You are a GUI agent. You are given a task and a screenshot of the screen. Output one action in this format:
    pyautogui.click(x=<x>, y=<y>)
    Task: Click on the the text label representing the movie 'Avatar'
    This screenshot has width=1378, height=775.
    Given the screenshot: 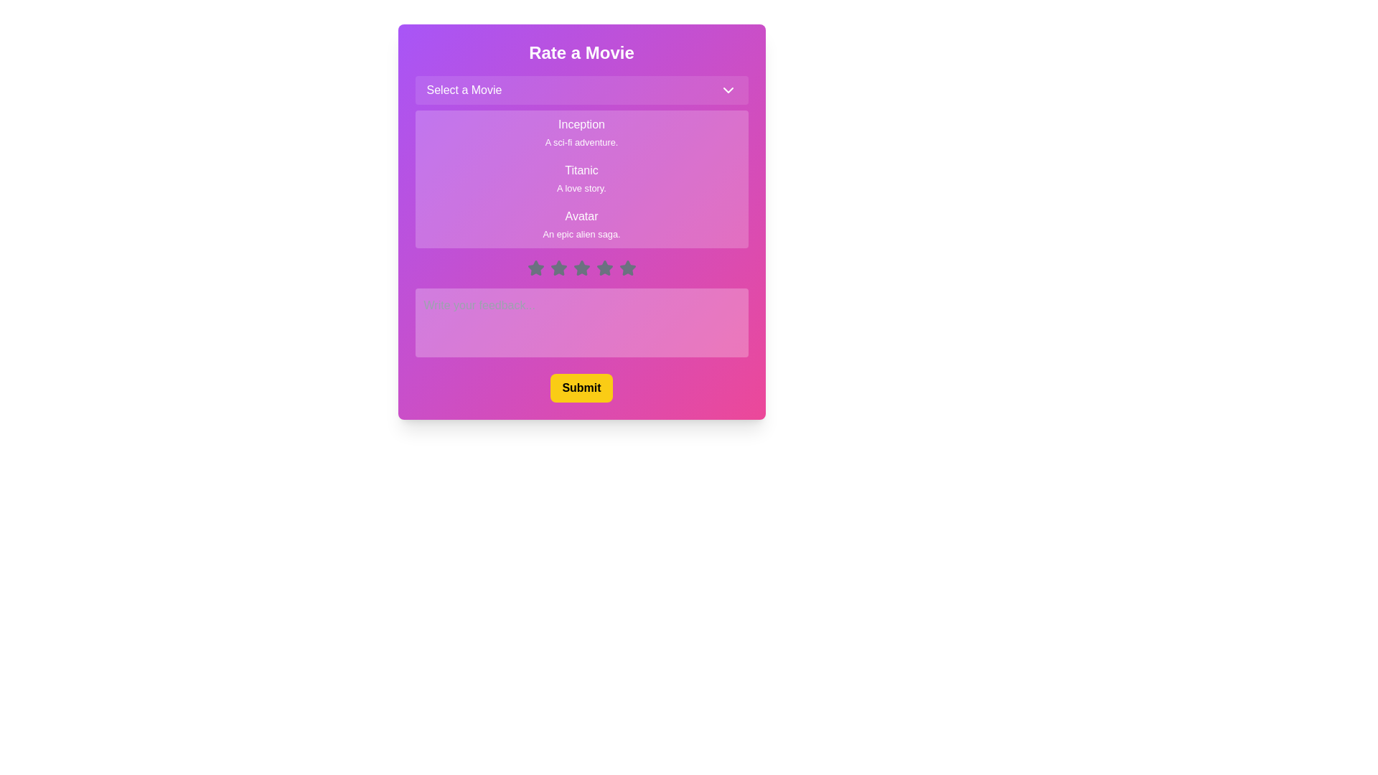 What is the action you would take?
    pyautogui.click(x=581, y=216)
    